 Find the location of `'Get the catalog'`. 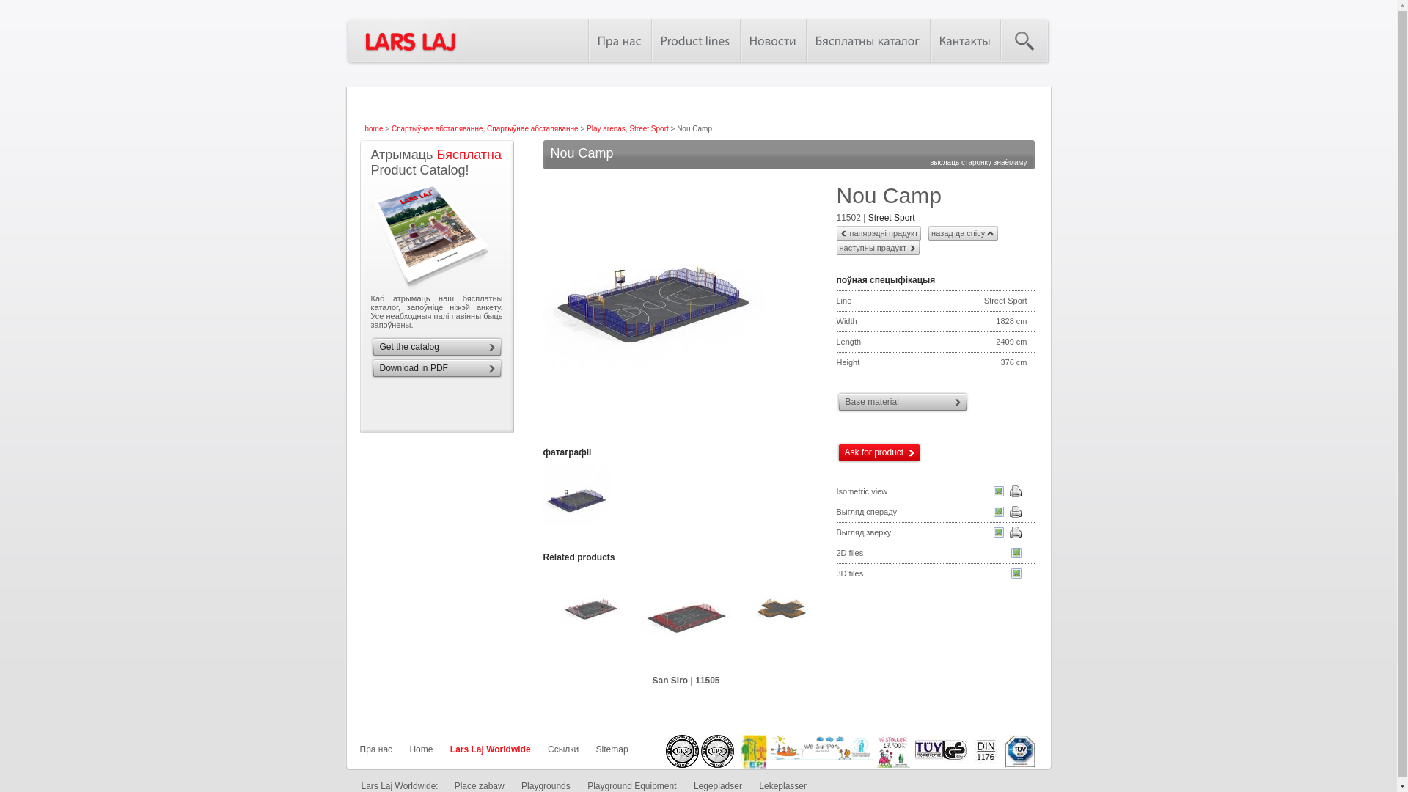

'Get the catalog' is located at coordinates (380, 347).